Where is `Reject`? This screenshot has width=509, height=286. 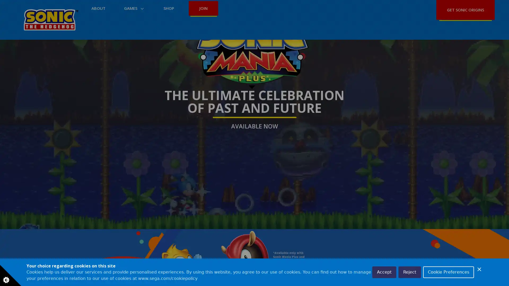
Reject is located at coordinates (409, 272).